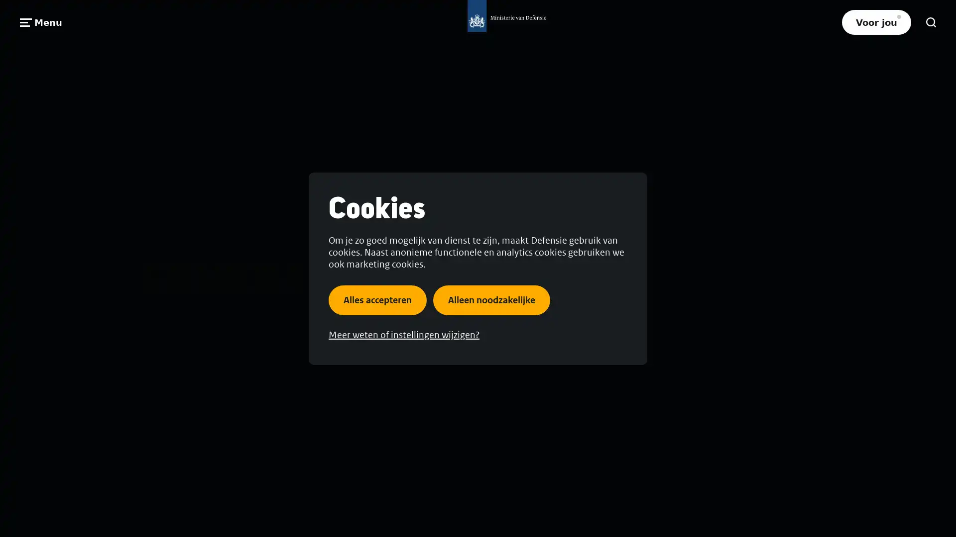 The width and height of the screenshot is (956, 537). Describe the element at coordinates (40, 22) in the screenshot. I see `Menu openen` at that location.